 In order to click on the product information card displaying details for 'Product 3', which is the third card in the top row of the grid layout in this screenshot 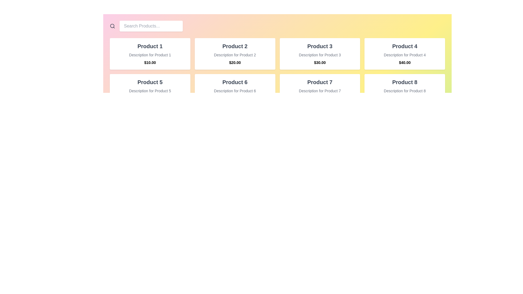, I will do `click(320, 54)`.